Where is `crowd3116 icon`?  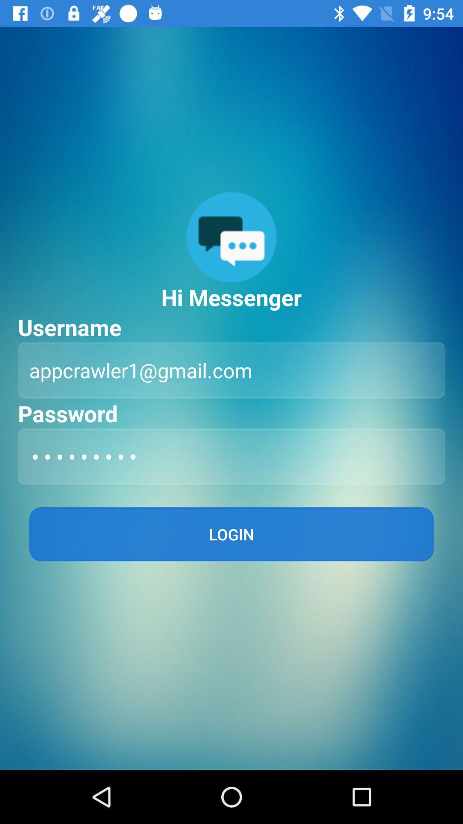
crowd3116 icon is located at coordinates (231, 456).